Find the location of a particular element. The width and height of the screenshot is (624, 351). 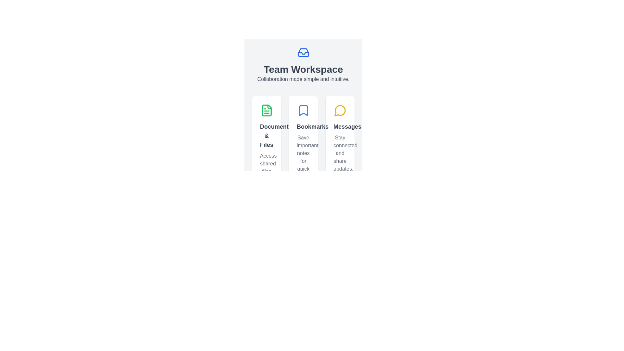

the static text label displaying 'Collaboration made simple and intuitive.' which is styled with a gray color and located below the heading 'Team Workspace' is located at coordinates (303, 79).